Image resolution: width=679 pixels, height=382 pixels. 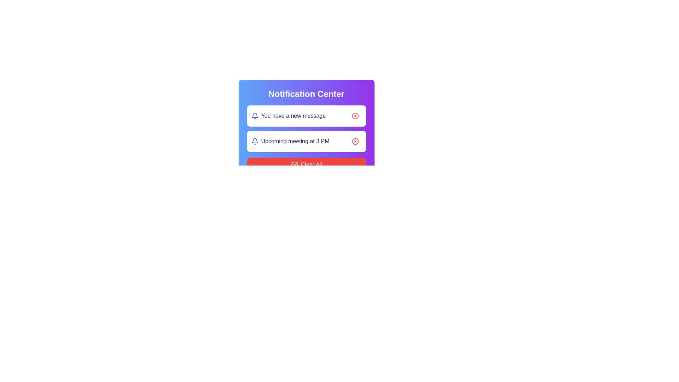 I want to click on the circular icon button with a red border and 'X' symbol located to the right of the 'Upcoming meeting at 3 PM' notification, so click(x=355, y=141).